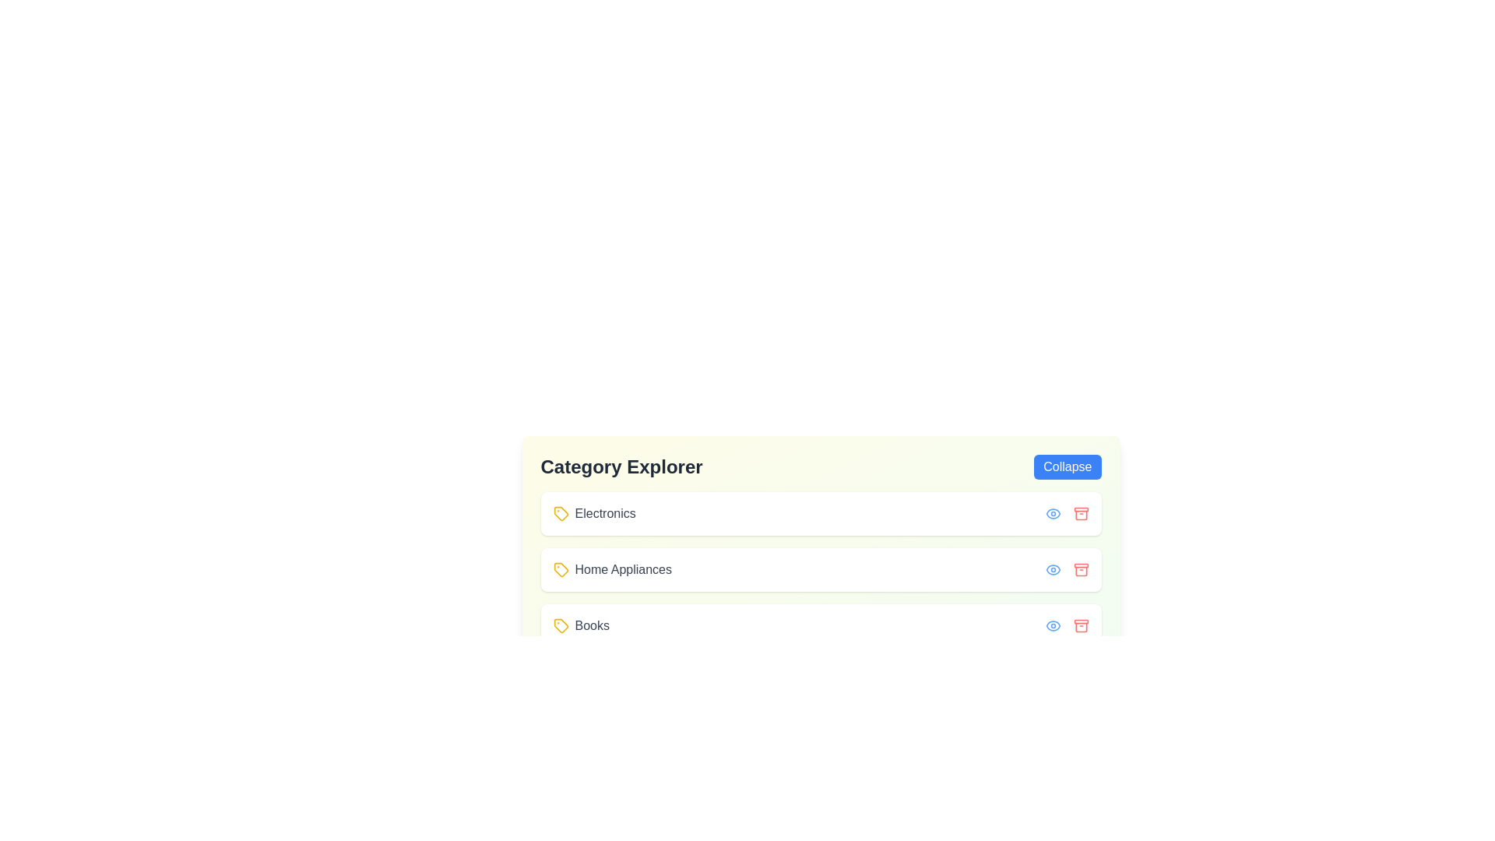 This screenshot has width=1495, height=841. Describe the element at coordinates (1053, 513) in the screenshot. I see `the blue outline eye icon located in the interactive toolbar to the right of the 'Category Explorer' section` at that location.